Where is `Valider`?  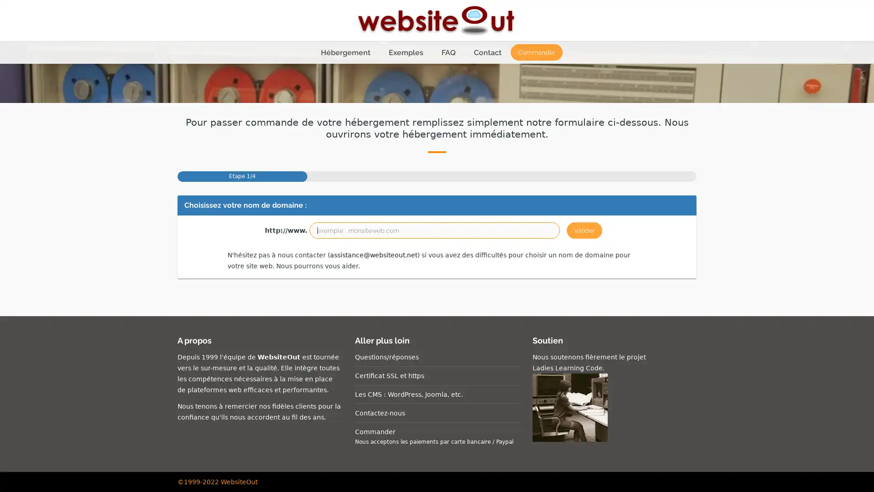
Valider is located at coordinates (584, 230).